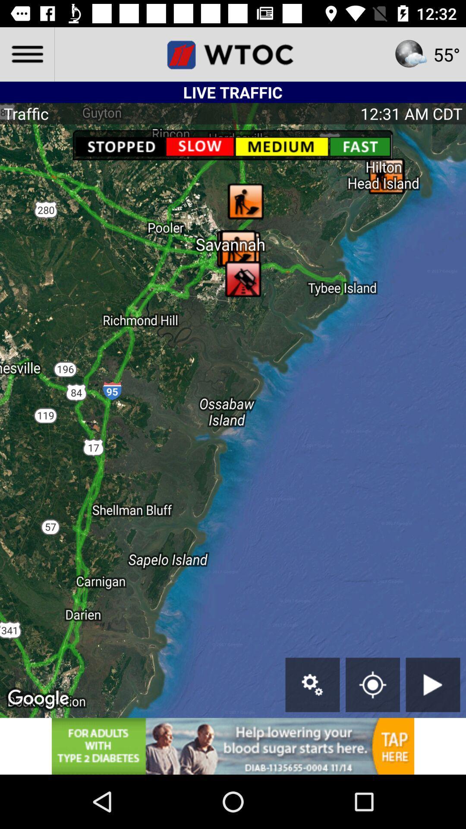  Describe the element at coordinates (410, 54) in the screenshot. I see `weather icon` at that location.